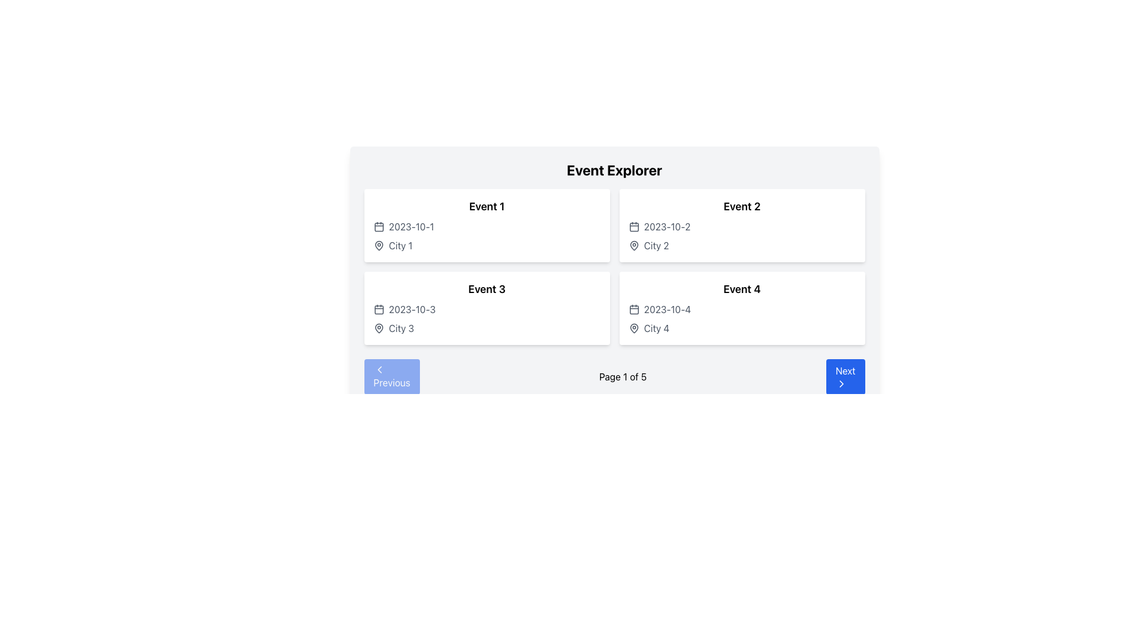 The width and height of the screenshot is (1134, 638). Describe the element at coordinates (633, 309) in the screenshot. I see `the calendar icon located in the 'Event 4' section, which is positioned immediately to the left of the date text '2023-10-4' and above the location 'City 4'` at that location.